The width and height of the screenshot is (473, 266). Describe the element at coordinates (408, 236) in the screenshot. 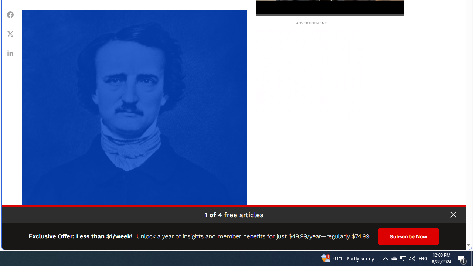

I see `'Subscribe Now'` at that location.